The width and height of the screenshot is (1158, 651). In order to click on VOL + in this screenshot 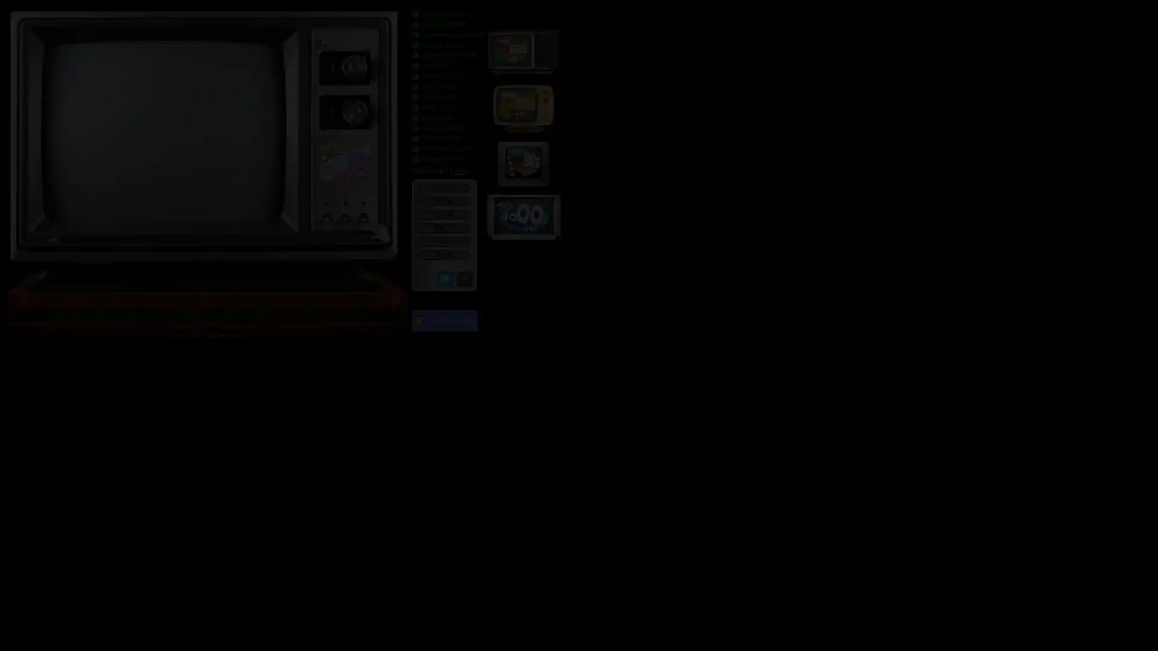, I will do `click(443, 228)`.